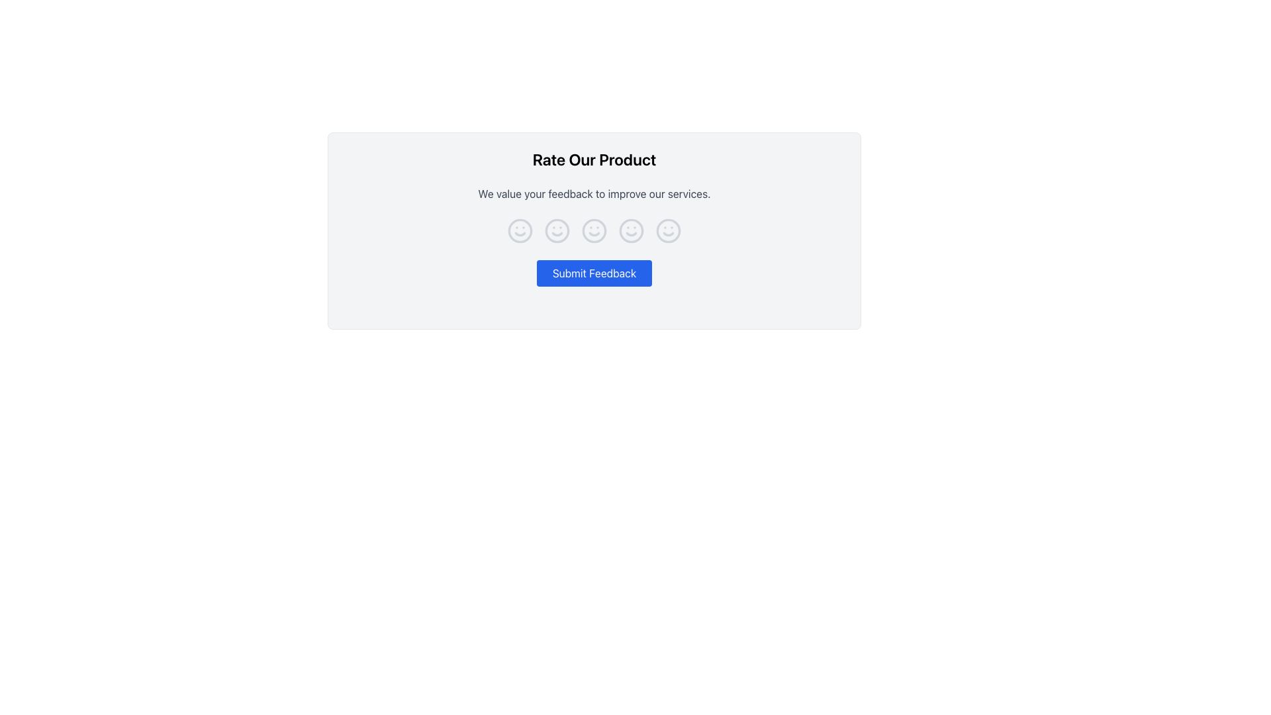 The width and height of the screenshot is (1271, 715). What do you see at coordinates (593, 272) in the screenshot?
I see `the feedback submission button located centrally below the smiley icons` at bounding box center [593, 272].